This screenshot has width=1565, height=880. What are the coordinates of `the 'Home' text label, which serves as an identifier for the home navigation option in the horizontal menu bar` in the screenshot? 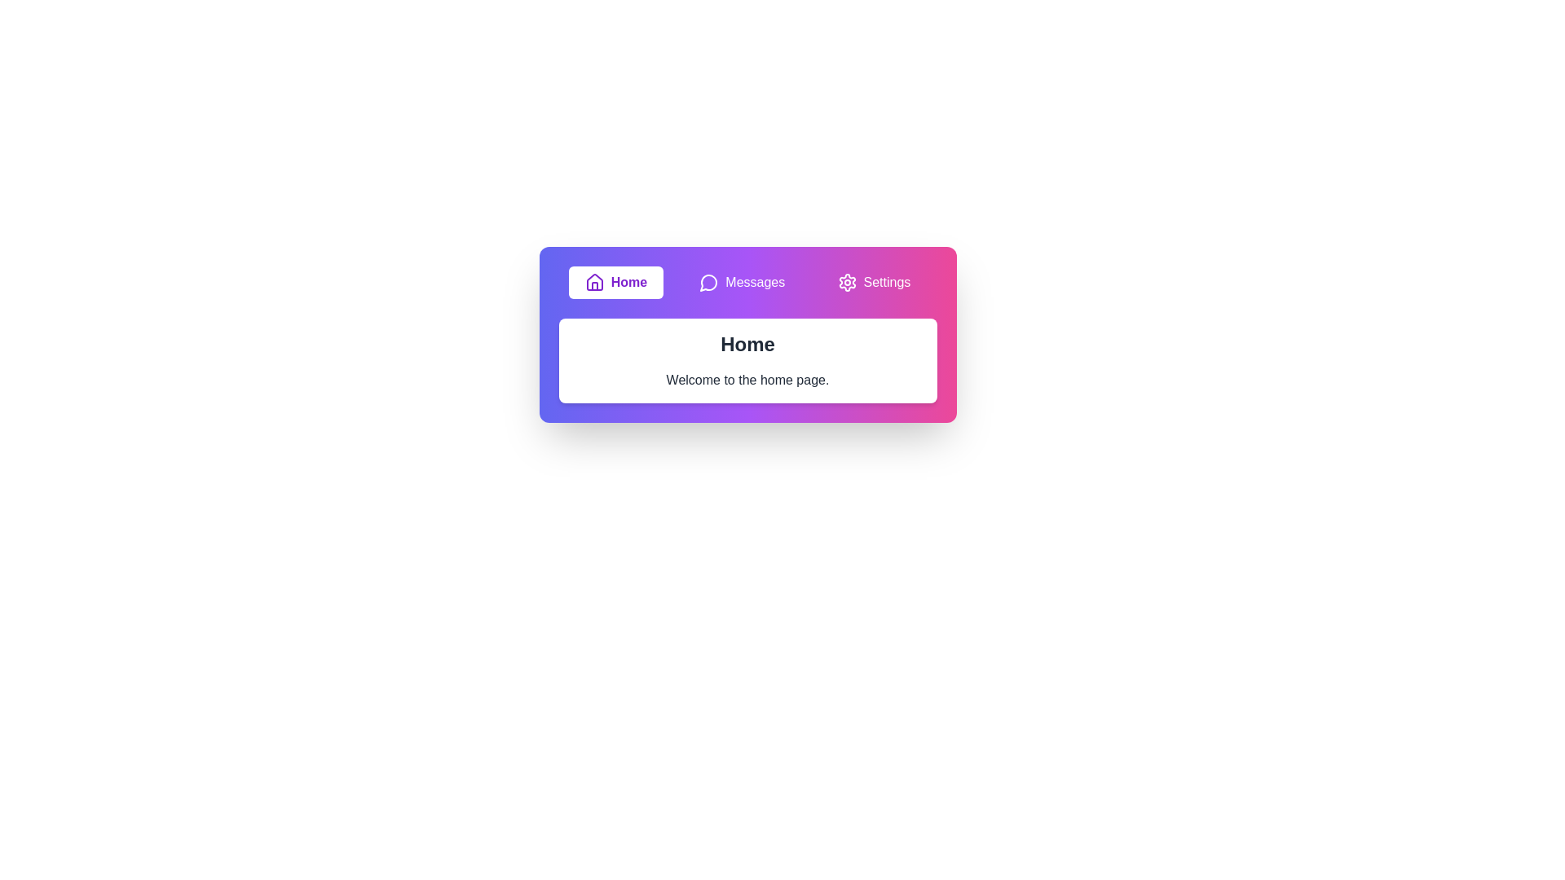 It's located at (628, 282).